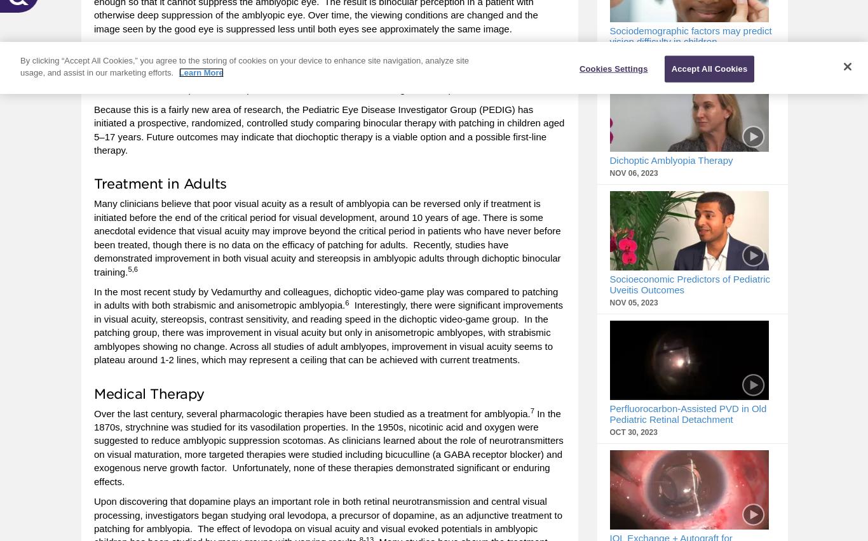 This screenshot has height=541, width=868. I want to click on 'Nov 05, 2023', so click(634, 303).